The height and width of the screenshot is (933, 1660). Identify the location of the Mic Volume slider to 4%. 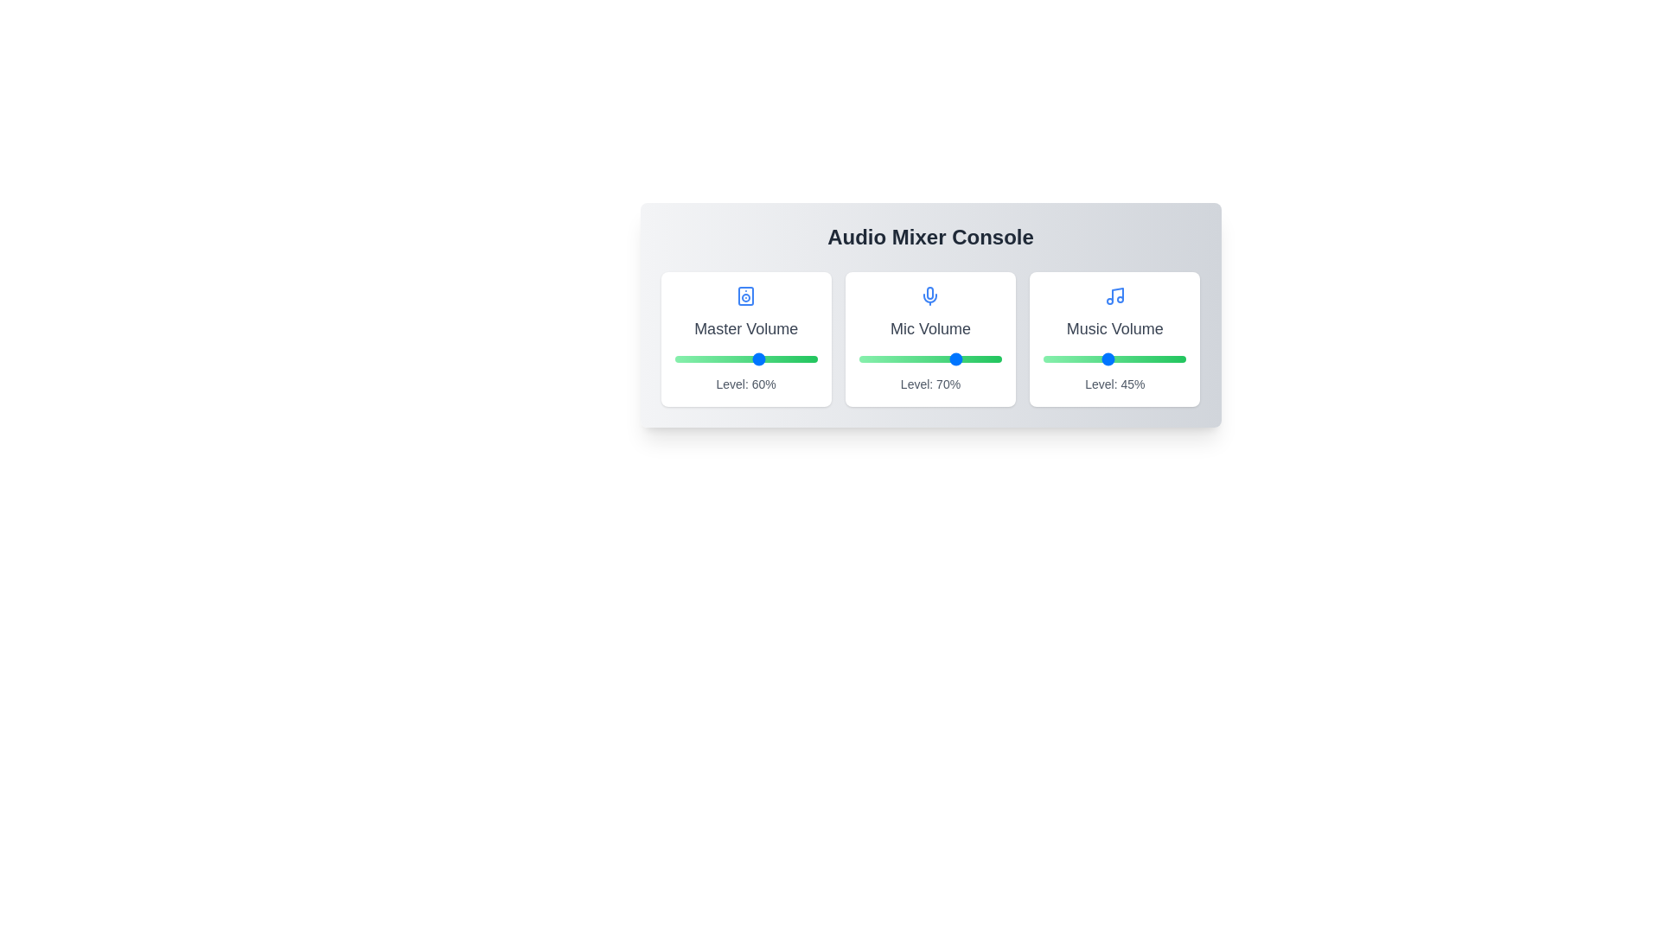
(865, 359).